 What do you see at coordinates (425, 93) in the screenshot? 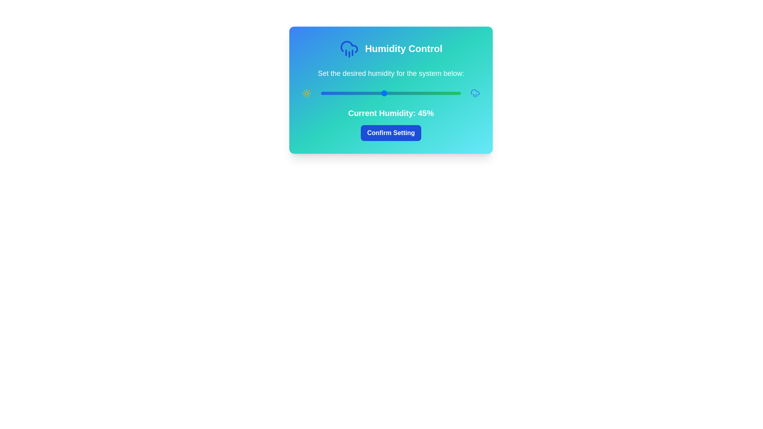
I see `the humidity slider to set the humidity level to 75%` at bounding box center [425, 93].